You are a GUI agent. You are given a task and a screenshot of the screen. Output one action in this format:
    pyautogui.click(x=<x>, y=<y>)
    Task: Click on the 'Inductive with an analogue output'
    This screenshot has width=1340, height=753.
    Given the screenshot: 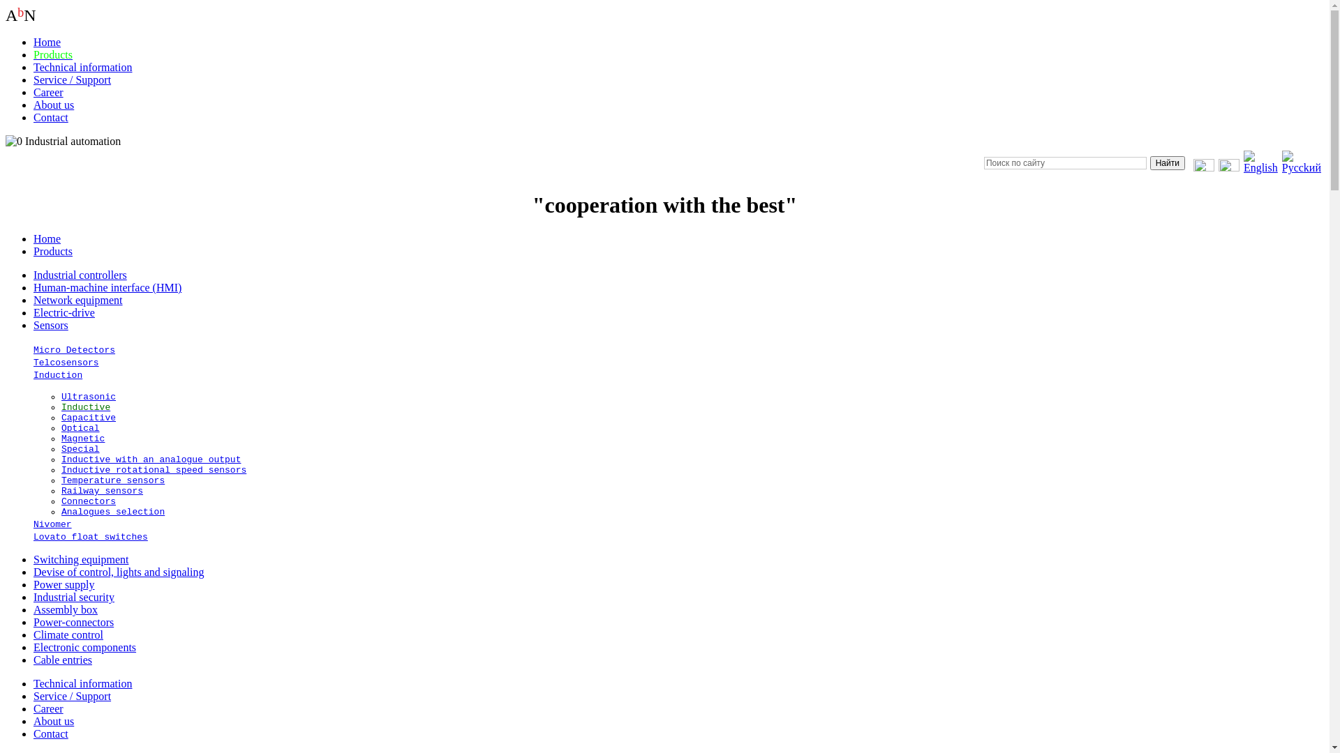 What is the action you would take?
    pyautogui.click(x=60, y=459)
    